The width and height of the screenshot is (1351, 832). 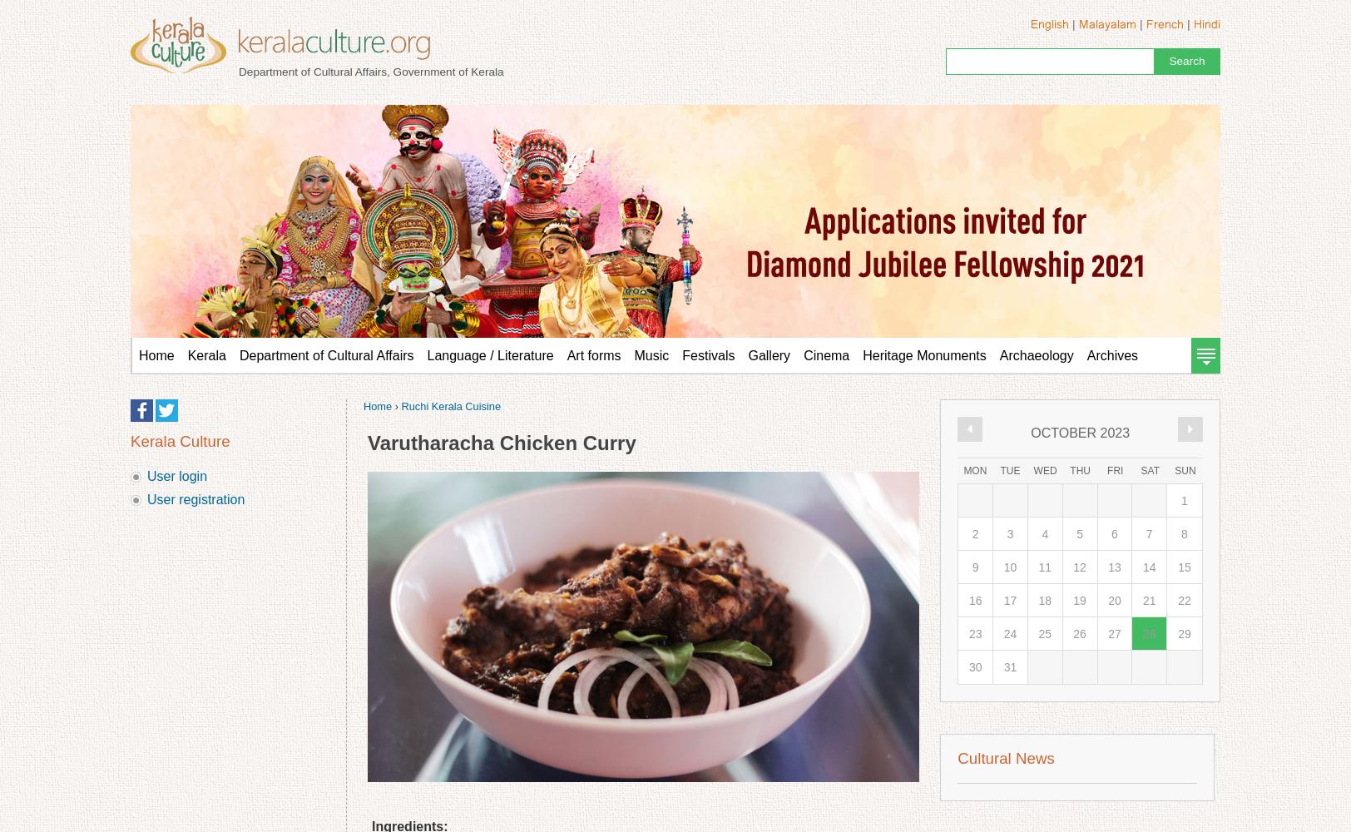 I want to click on 'Cinema', so click(x=826, y=355).